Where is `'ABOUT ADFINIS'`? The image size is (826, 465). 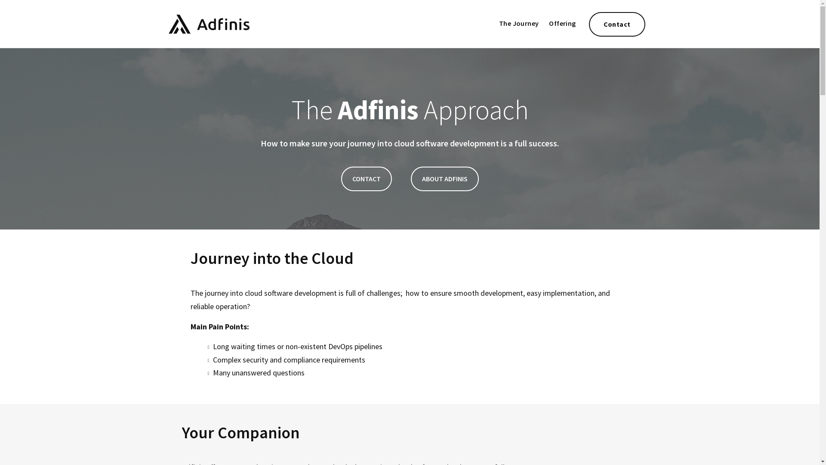 'ABOUT ADFINIS' is located at coordinates (444, 178).